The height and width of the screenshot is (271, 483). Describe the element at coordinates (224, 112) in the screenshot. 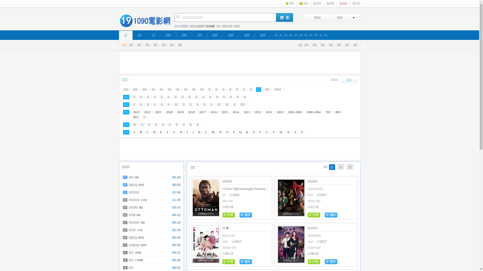

I see `'2015'` at that location.